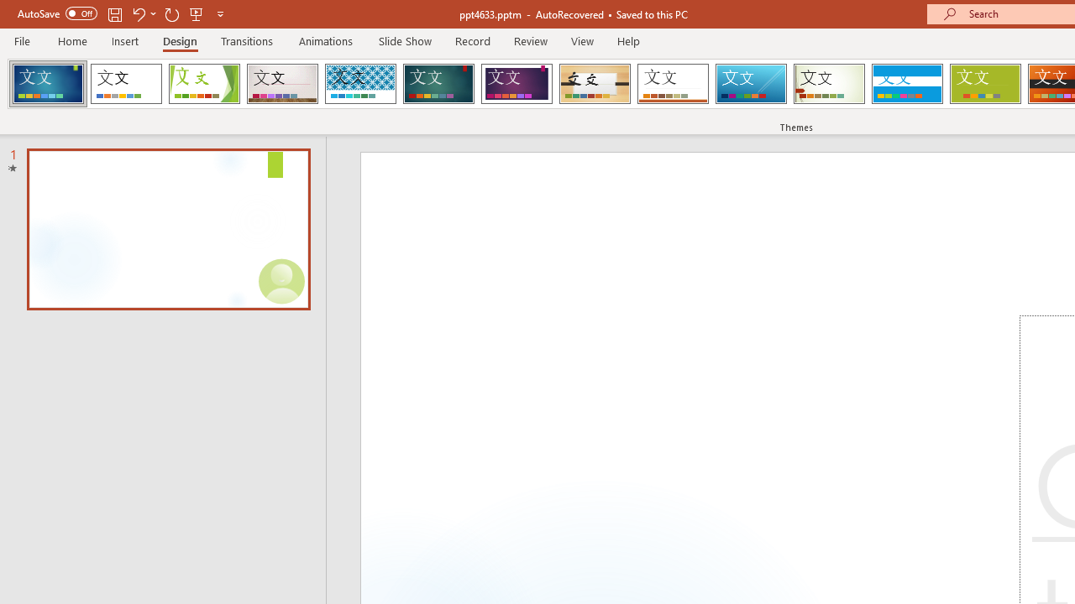  What do you see at coordinates (125, 84) in the screenshot?
I see `'Office Theme'` at bounding box center [125, 84].